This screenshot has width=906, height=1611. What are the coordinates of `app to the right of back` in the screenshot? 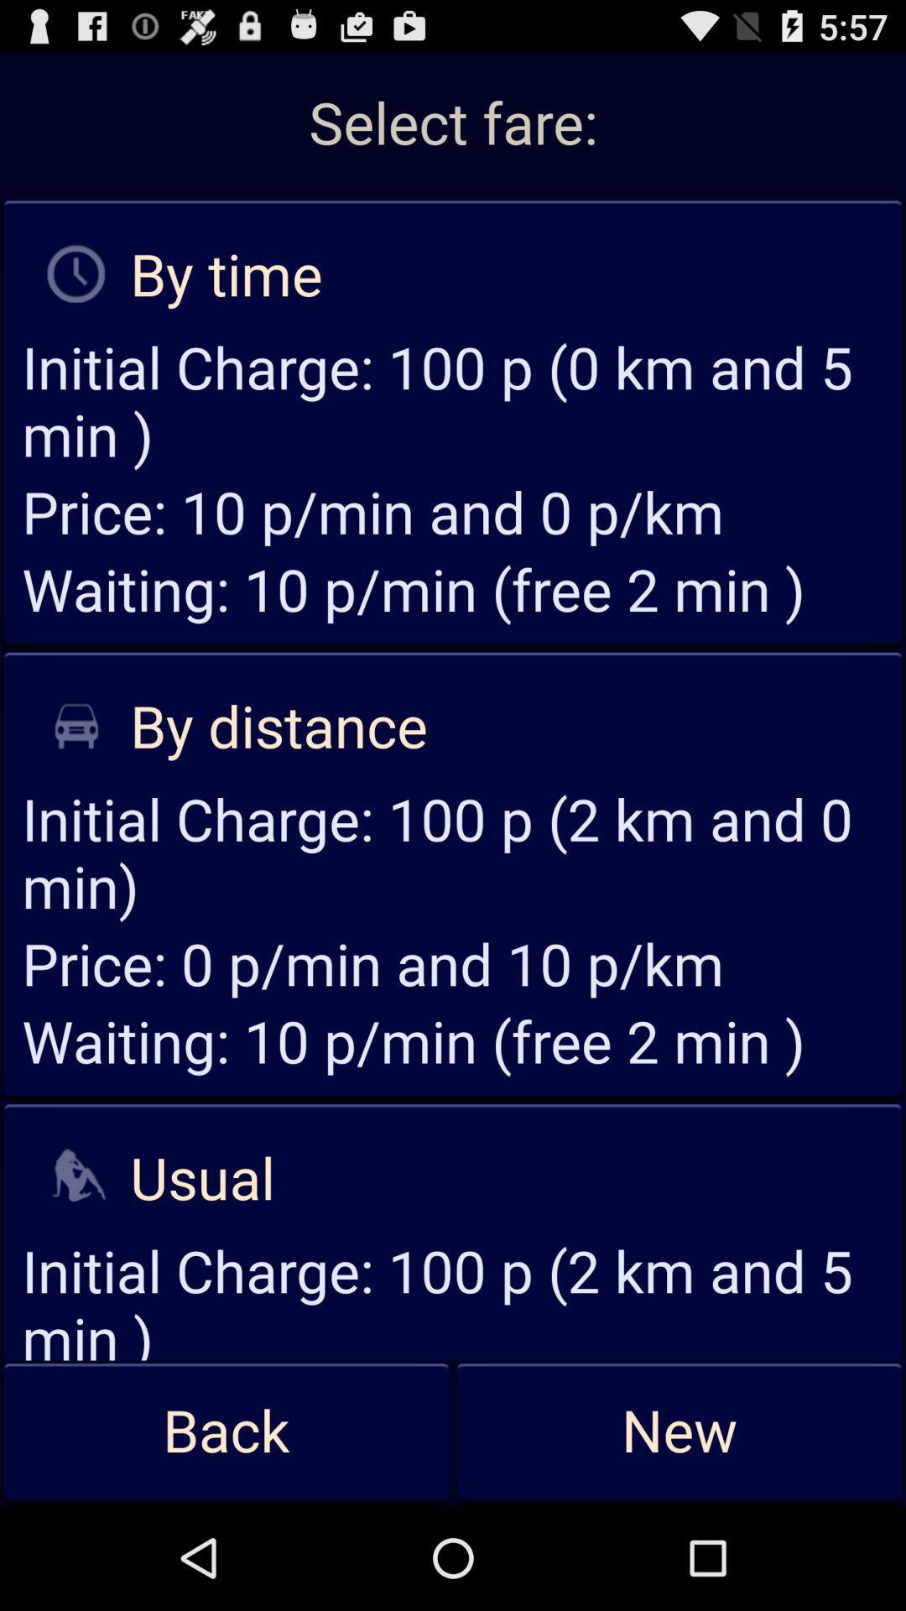 It's located at (679, 1431).